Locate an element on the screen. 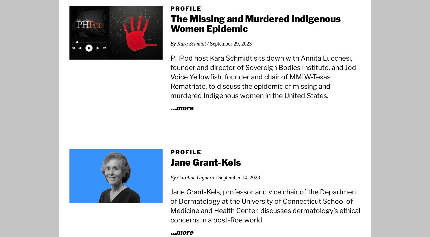  'September 14, 2023' is located at coordinates (239, 177).